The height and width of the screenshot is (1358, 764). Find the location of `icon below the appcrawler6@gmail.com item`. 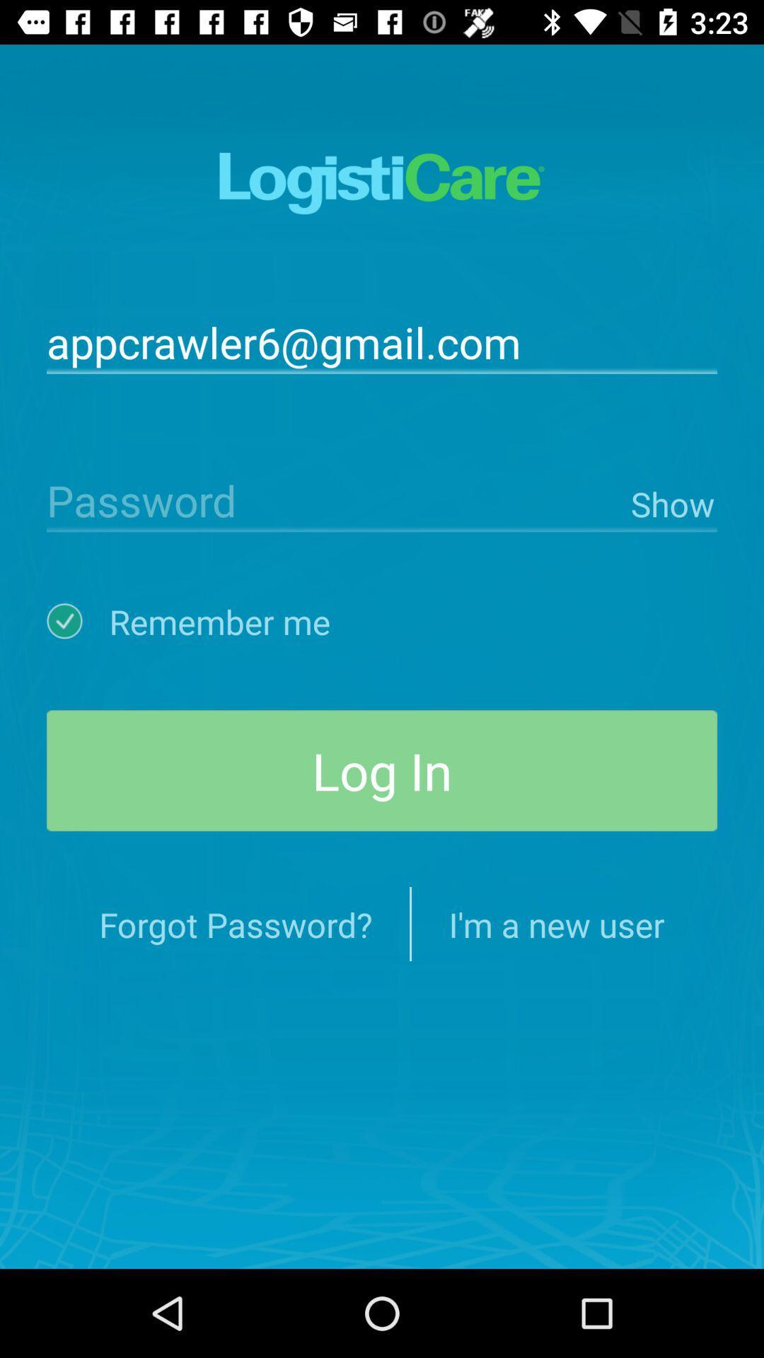

icon below the appcrawler6@gmail.com item is located at coordinates (670, 501).